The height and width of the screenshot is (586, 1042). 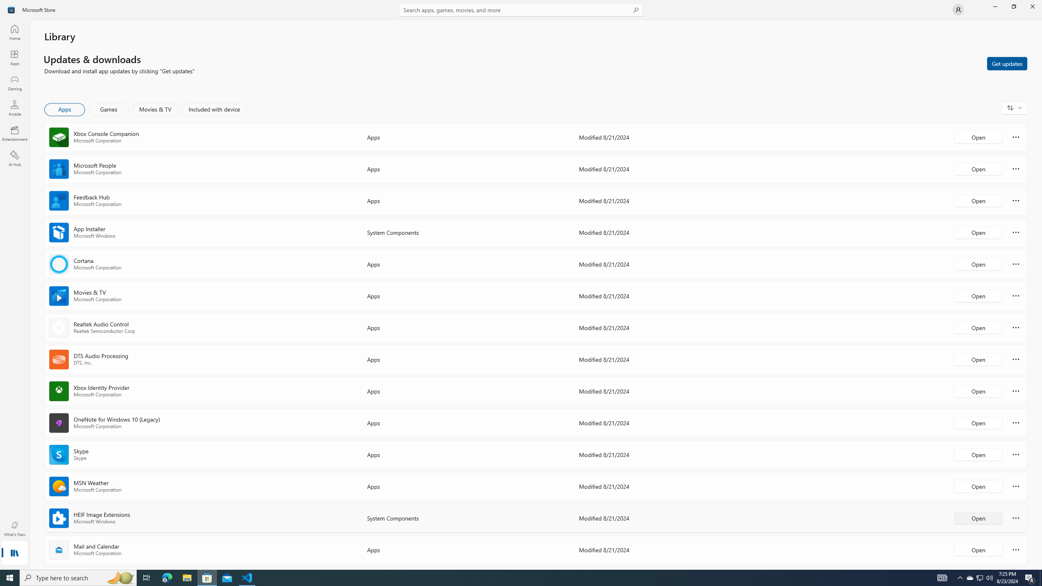 I want to click on 'What', so click(x=14, y=528).